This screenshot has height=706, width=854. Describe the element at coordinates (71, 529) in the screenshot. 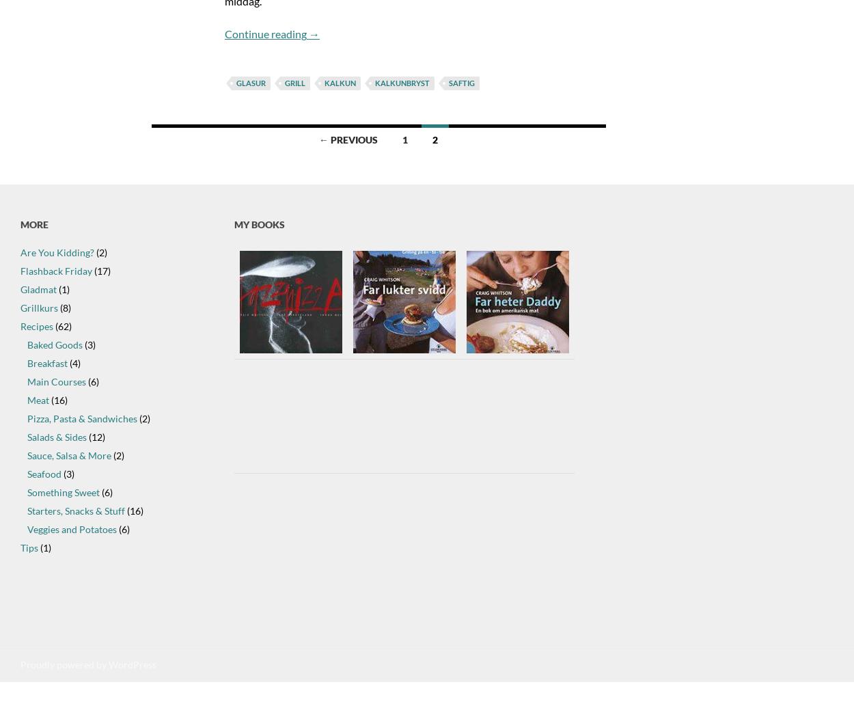

I see `'Veggies and Potatoes'` at that location.